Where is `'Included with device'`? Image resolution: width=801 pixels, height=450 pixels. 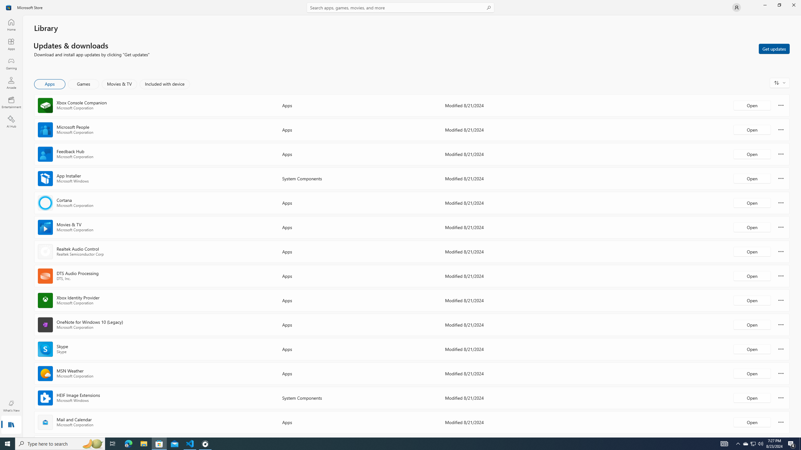
'Included with device' is located at coordinates (164, 84).